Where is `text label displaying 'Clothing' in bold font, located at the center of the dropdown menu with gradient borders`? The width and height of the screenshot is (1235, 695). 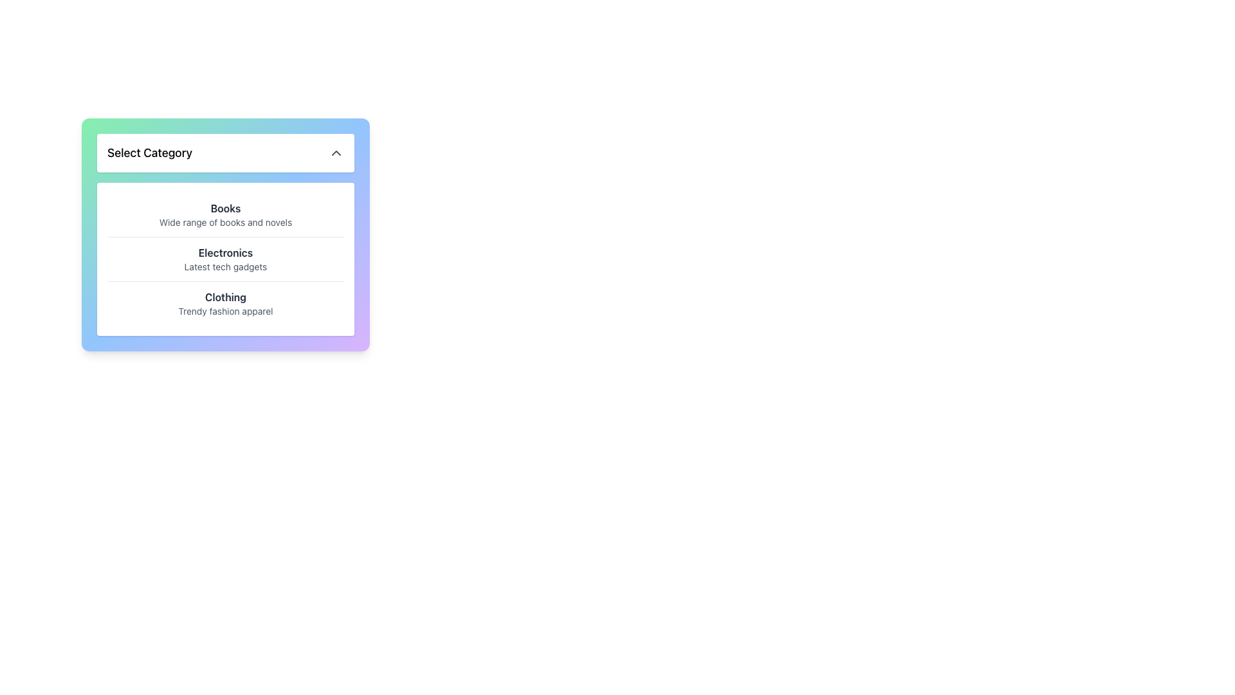 text label displaying 'Clothing' in bold font, located at the center of the dropdown menu with gradient borders is located at coordinates (225, 297).